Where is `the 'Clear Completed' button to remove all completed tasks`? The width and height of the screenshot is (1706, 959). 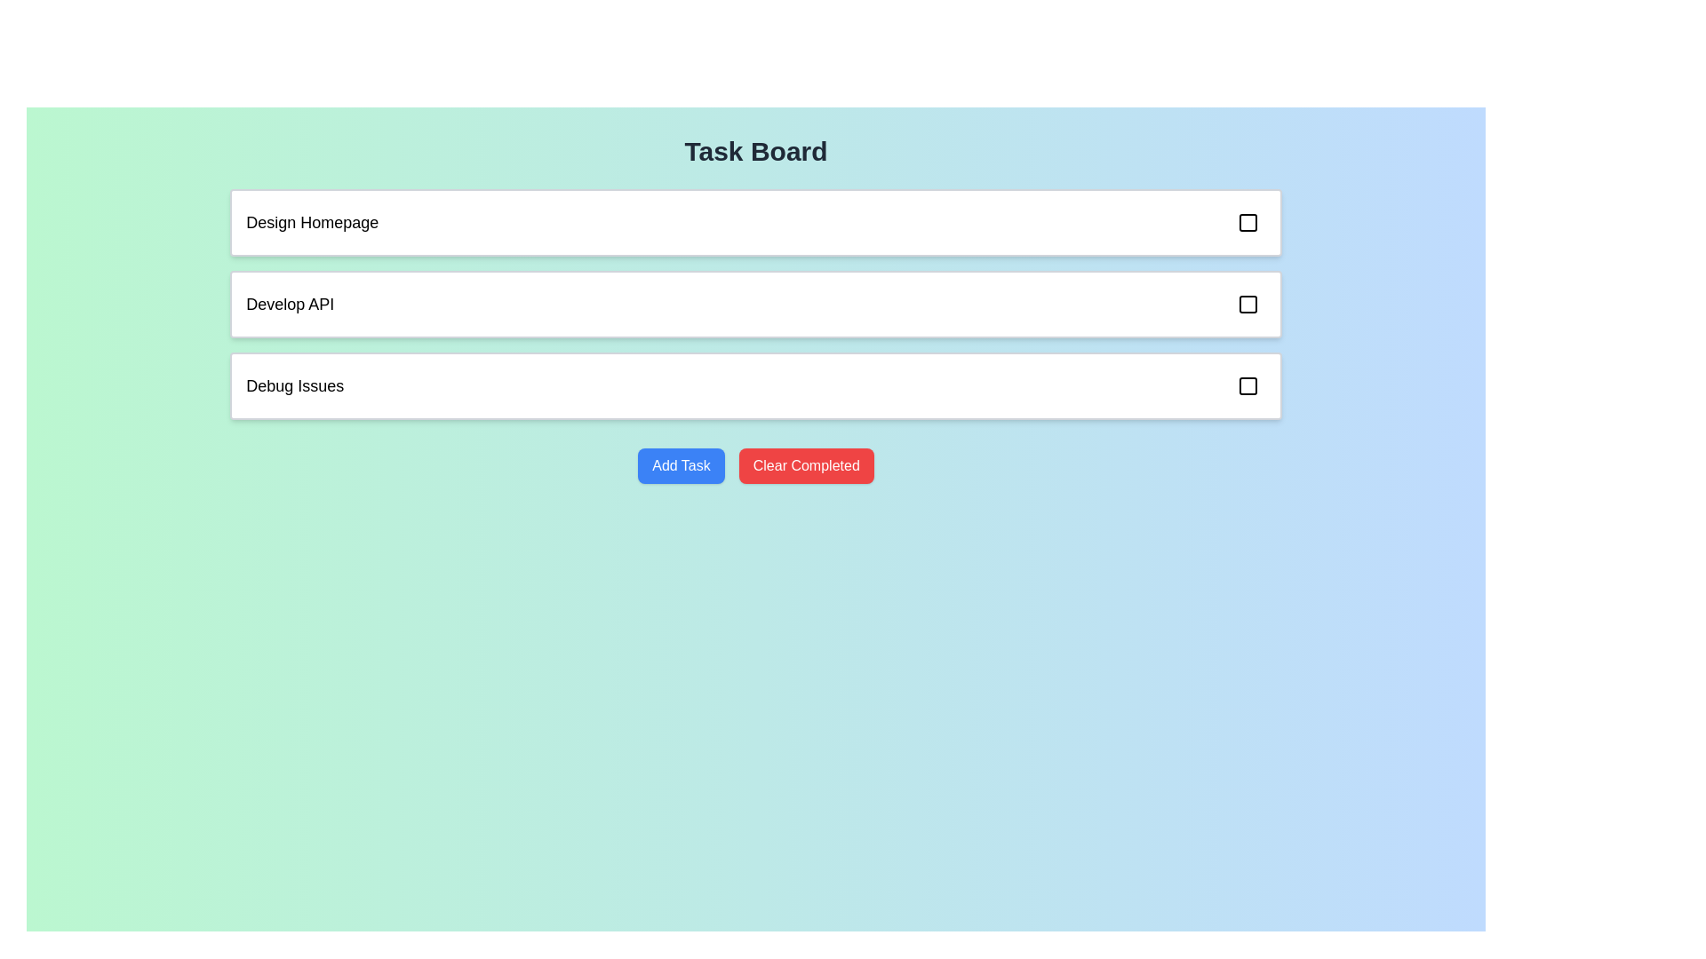
the 'Clear Completed' button to remove all completed tasks is located at coordinates (805, 464).